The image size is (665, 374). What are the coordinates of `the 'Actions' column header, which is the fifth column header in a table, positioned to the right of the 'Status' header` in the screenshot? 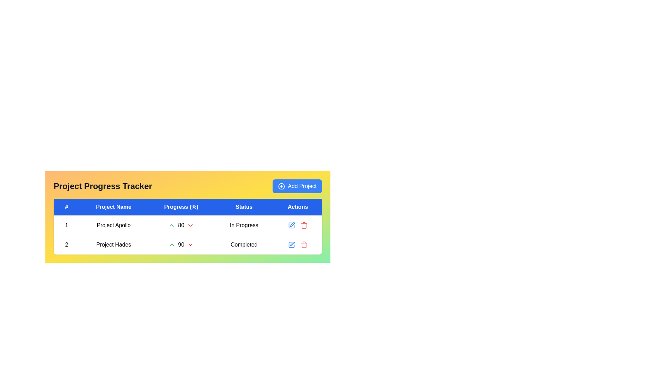 It's located at (298, 207).